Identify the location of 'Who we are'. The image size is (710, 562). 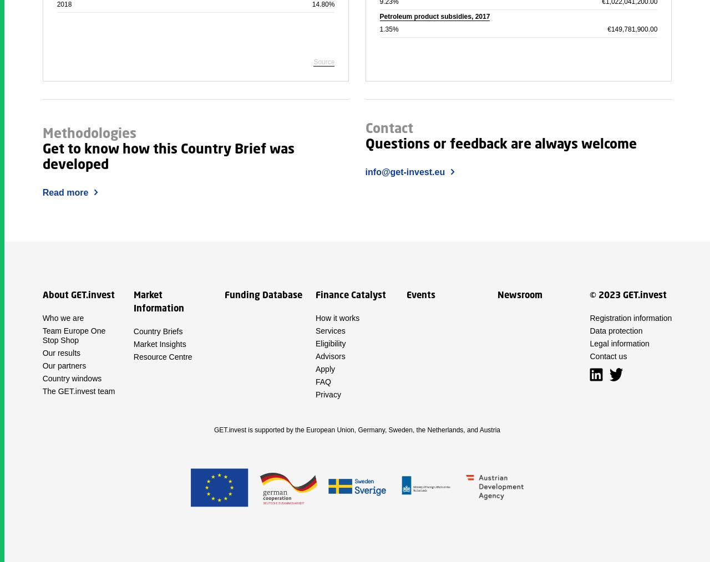
(42, 317).